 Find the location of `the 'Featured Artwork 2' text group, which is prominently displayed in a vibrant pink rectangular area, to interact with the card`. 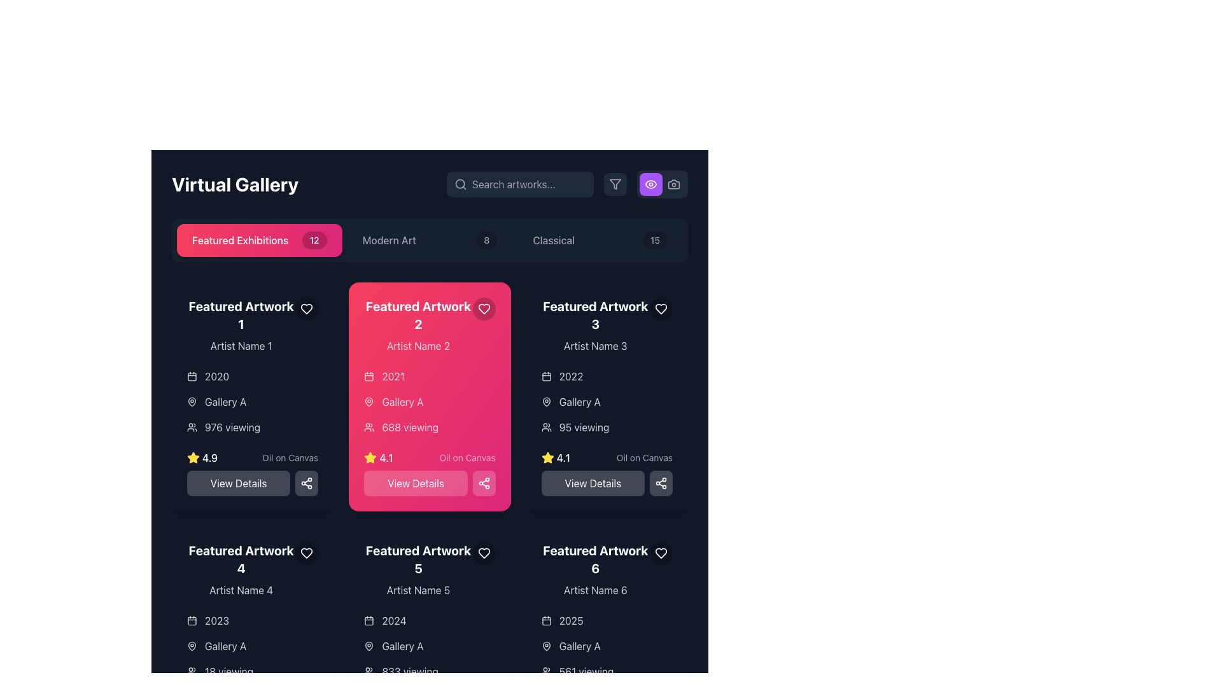

the 'Featured Artwork 2' text group, which is prominently displayed in a vibrant pink rectangular area, to interact with the card is located at coordinates (418, 325).